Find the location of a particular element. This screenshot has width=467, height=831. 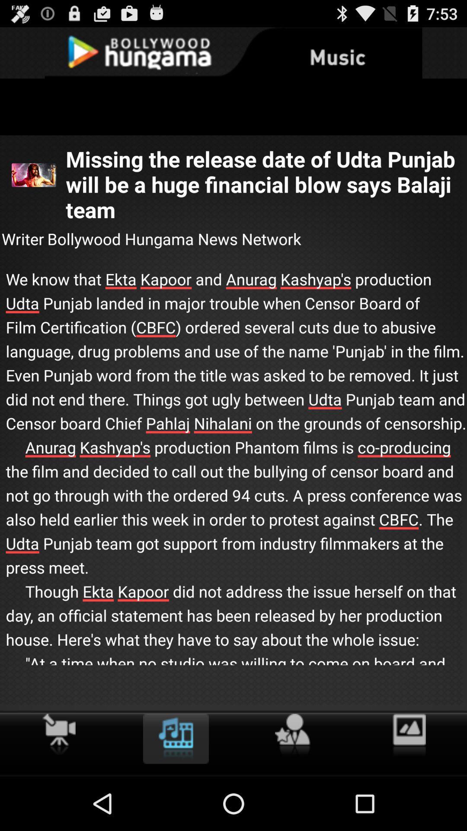

a place to view the media component of the project is located at coordinates (175, 738).